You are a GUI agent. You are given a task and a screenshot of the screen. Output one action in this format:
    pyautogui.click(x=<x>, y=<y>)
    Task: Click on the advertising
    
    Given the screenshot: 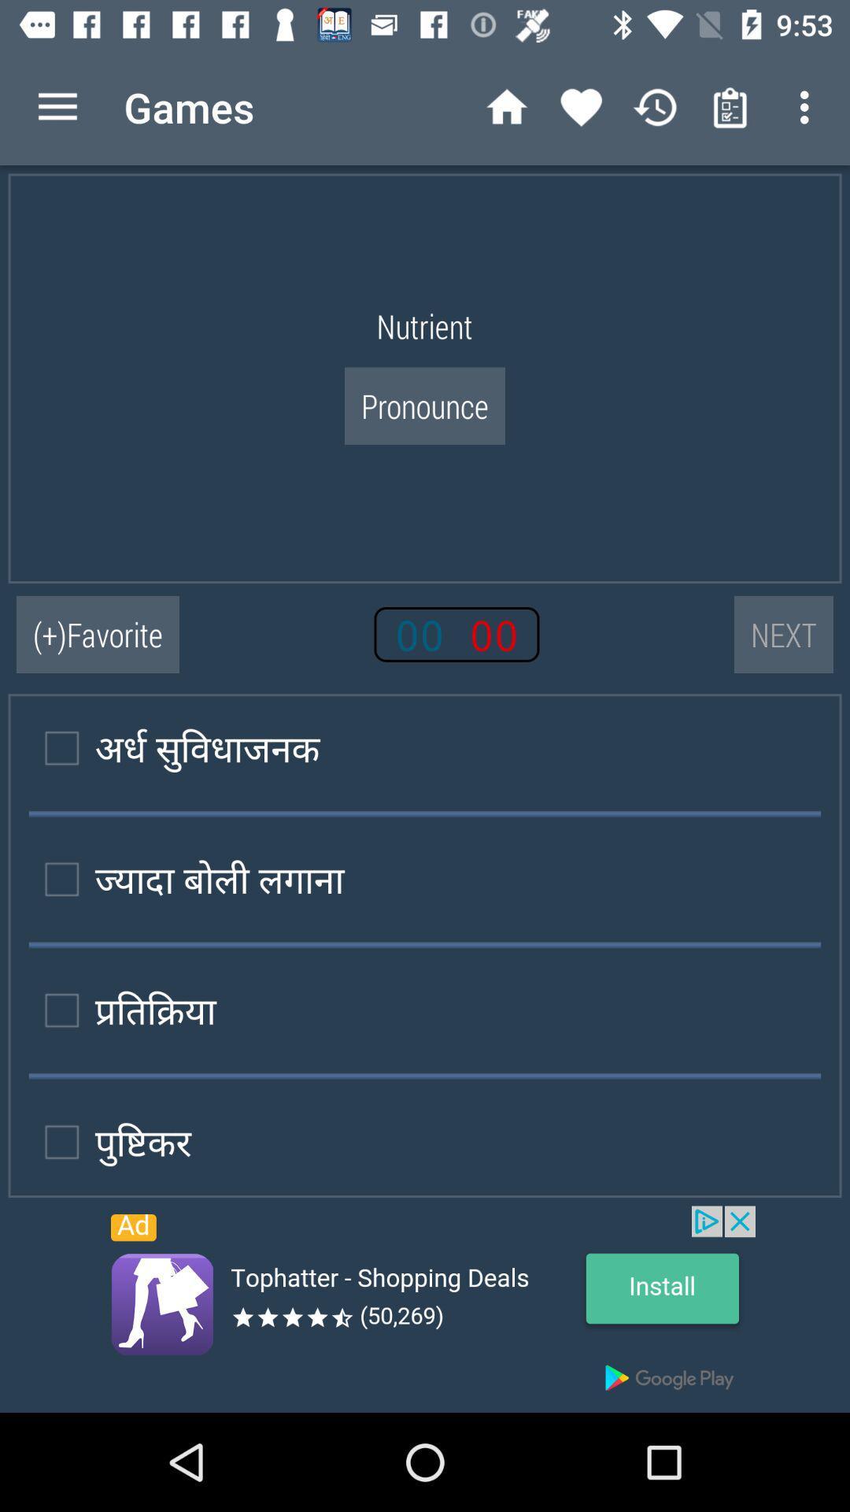 What is the action you would take?
    pyautogui.click(x=425, y=1309)
    